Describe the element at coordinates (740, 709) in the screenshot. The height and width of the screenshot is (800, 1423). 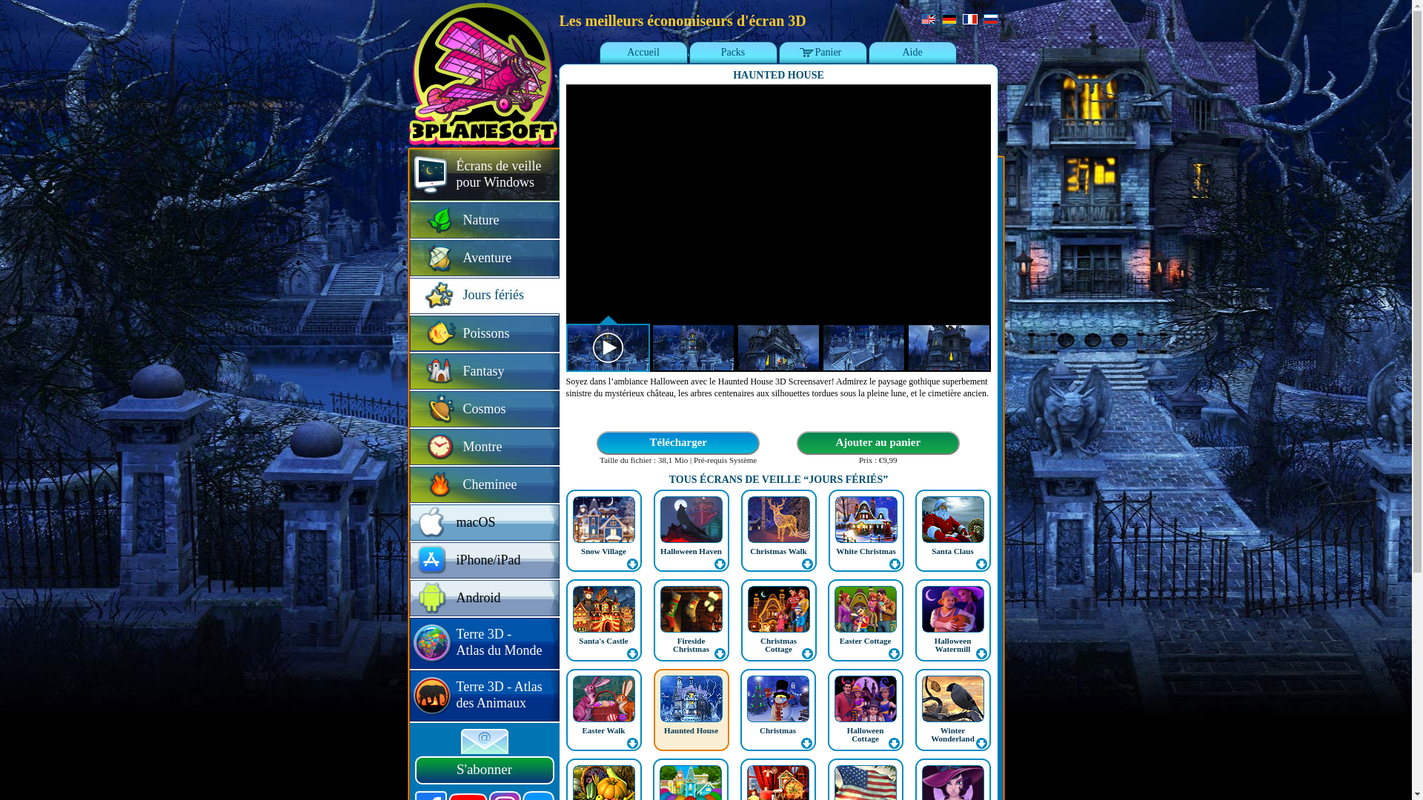
I see `'Christmas'` at that location.